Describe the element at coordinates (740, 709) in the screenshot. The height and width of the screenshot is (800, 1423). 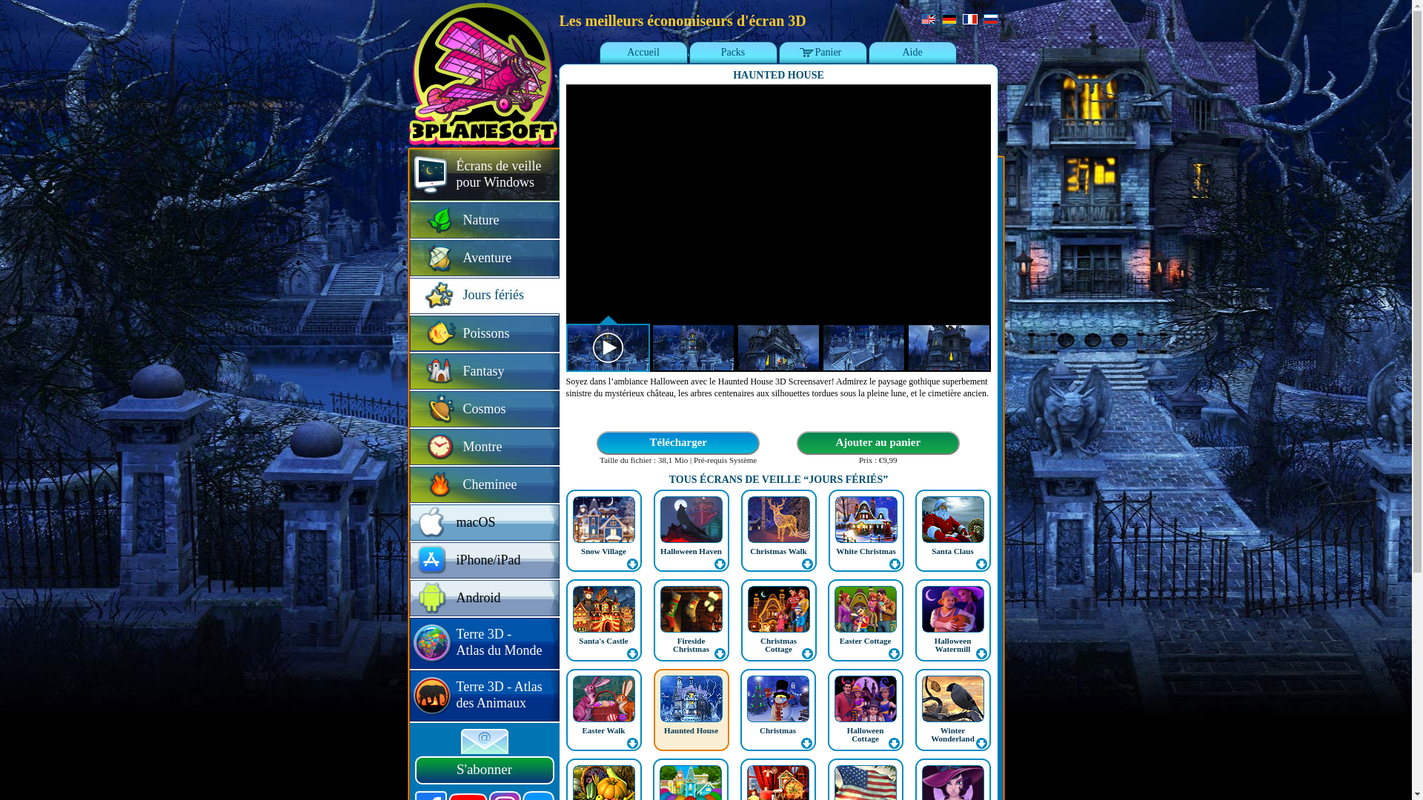
I see `'Christmas'` at that location.